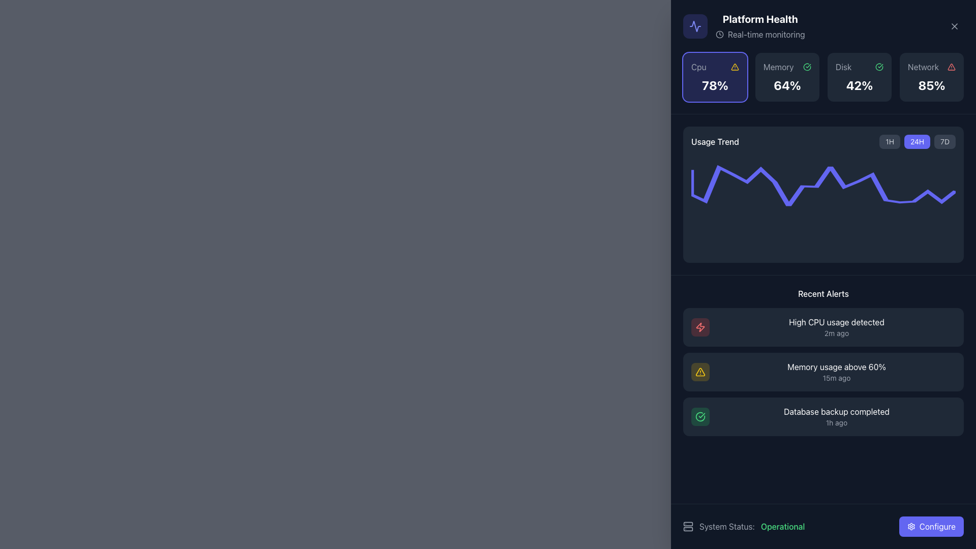 Image resolution: width=976 pixels, height=549 pixels. Describe the element at coordinates (699, 417) in the screenshot. I see `the icon that represents the successful database backup operation in the third notification card titled 'Database backup completed' under 'Recent Alerts'` at that location.